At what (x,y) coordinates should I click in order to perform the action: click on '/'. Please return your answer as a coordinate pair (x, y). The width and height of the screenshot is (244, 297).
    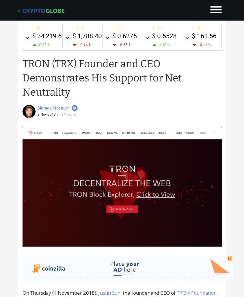
    Looking at the image, I should click on (57, 114).